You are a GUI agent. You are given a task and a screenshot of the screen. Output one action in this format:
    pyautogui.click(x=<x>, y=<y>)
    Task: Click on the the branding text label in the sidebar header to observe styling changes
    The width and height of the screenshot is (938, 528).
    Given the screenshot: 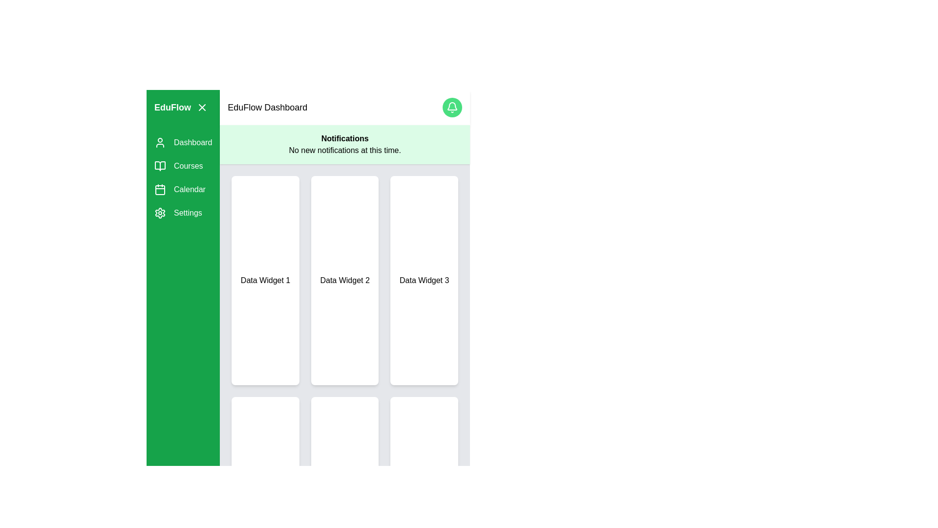 What is the action you would take?
    pyautogui.click(x=172, y=107)
    